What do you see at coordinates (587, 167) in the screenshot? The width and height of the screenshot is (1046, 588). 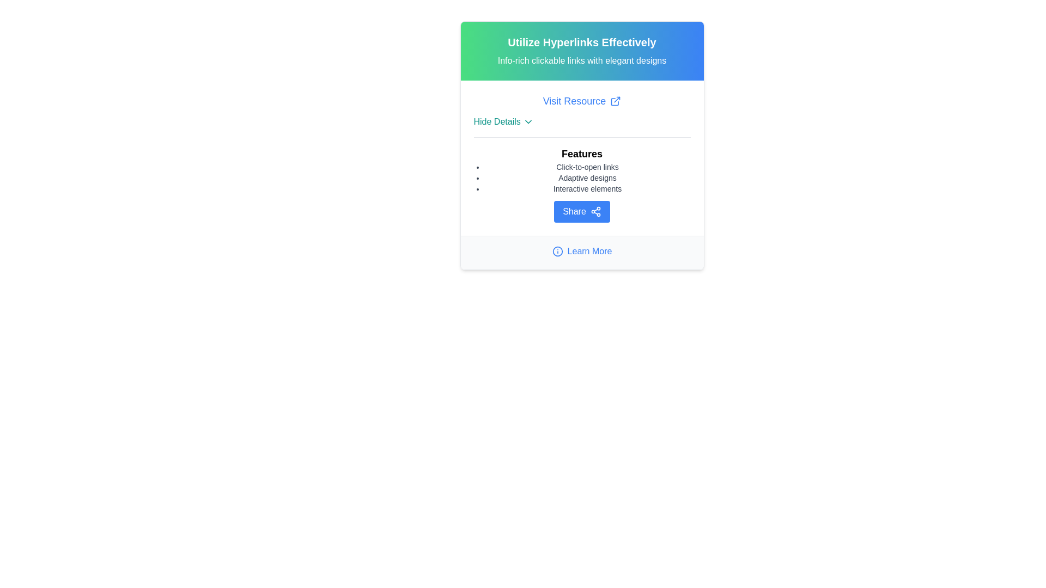 I see `the first Text Label in the bulleted list under the heading 'Features', which describes a feature of the interface card` at bounding box center [587, 167].